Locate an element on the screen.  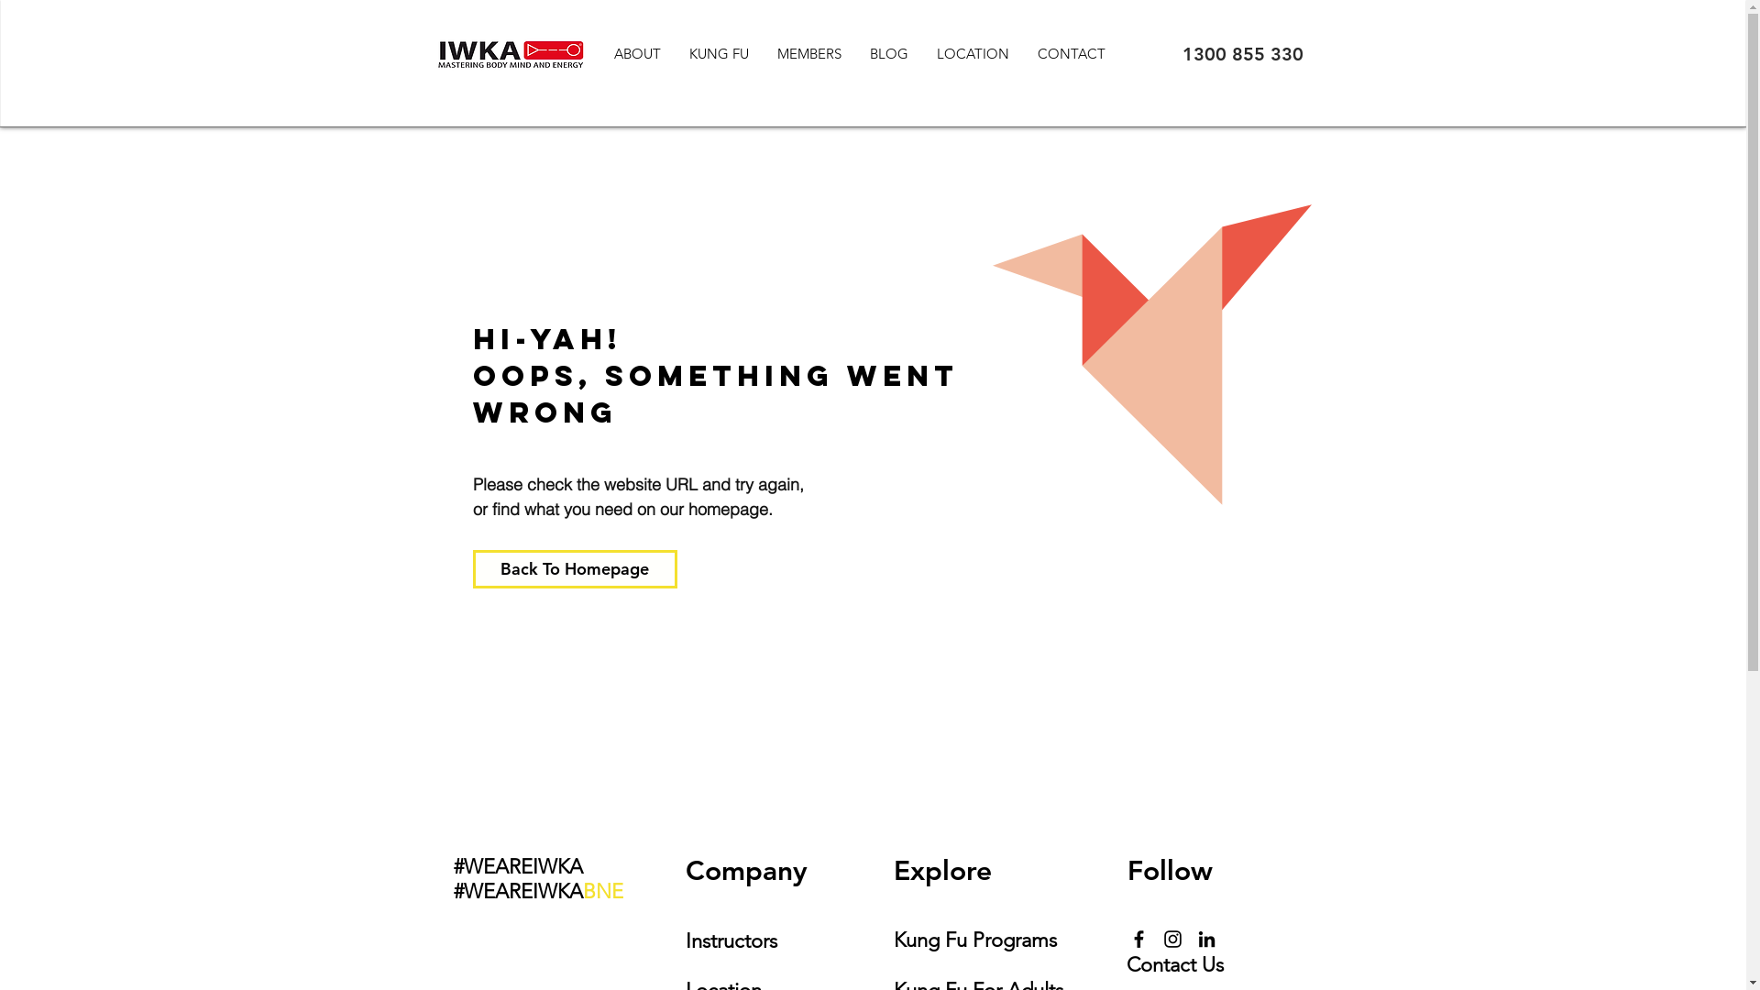
'Instructors' is located at coordinates (730, 940).